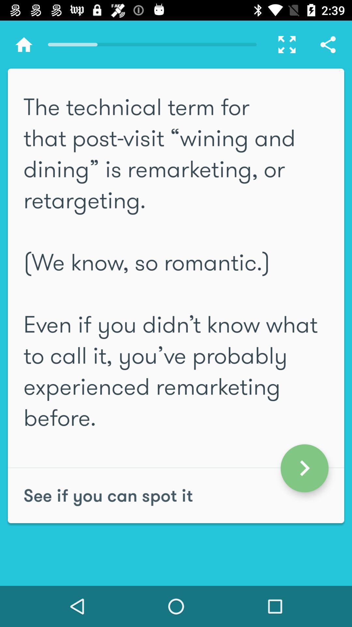 The width and height of the screenshot is (352, 627). What do you see at coordinates (304, 468) in the screenshot?
I see `the arrow_forward icon` at bounding box center [304, 468].